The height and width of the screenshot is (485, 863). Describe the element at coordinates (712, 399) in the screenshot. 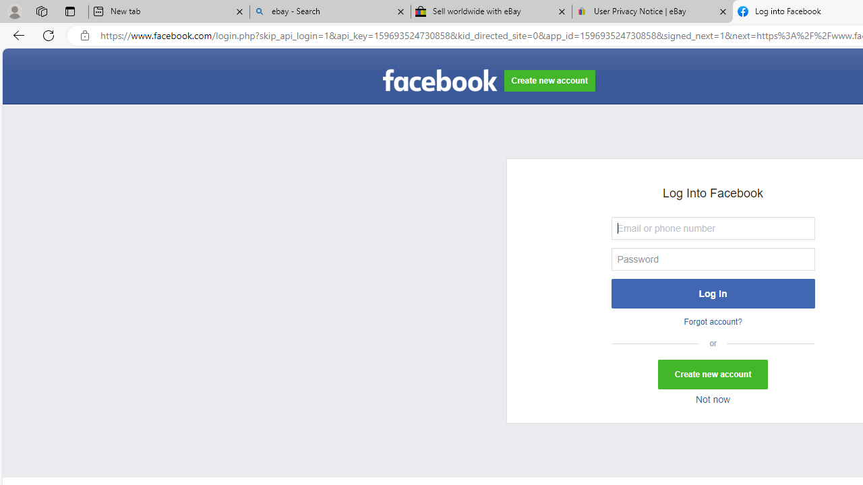

I see `'Not now'` at that location.